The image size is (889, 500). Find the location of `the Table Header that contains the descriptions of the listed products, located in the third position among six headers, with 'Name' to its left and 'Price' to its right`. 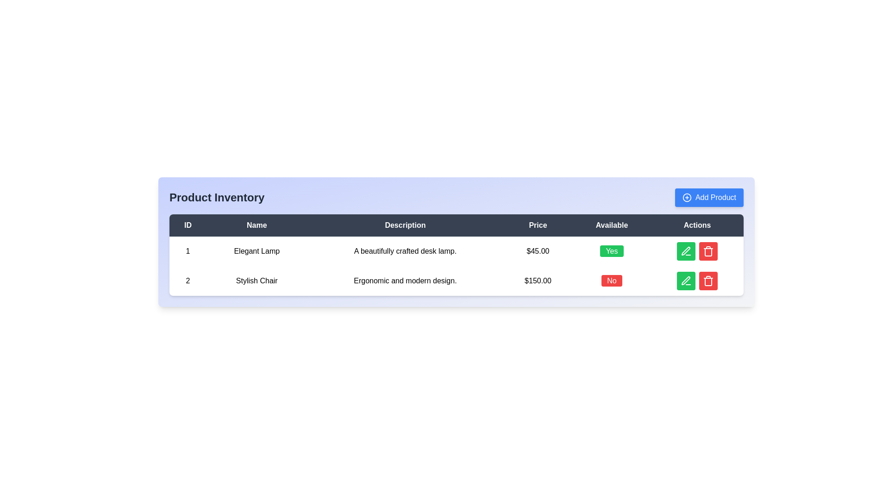

the Table Header that contains the descriptions of the listed products, located in the third position among six headers, with 'Name' to its left and 'Price' to its right is located at coordinates (405, 225).